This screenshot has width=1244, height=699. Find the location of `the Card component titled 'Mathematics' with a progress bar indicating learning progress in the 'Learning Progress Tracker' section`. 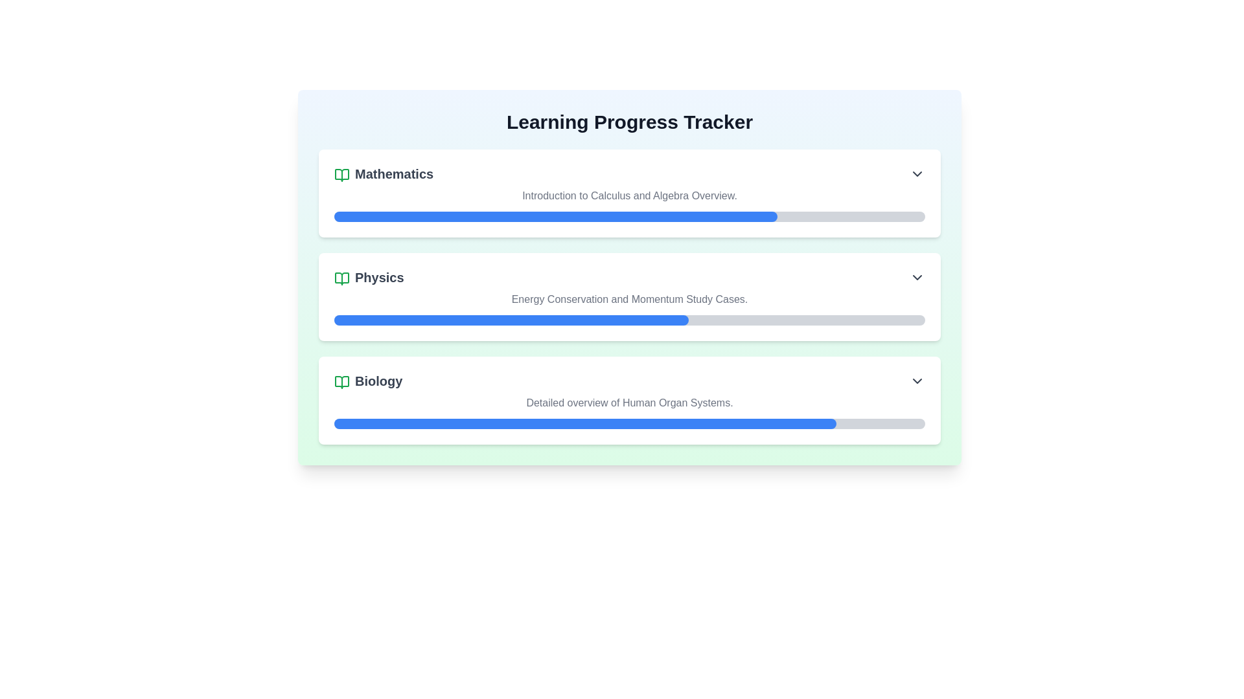

the Card component titled 'Mathematics' with a progress bar indicating learning progress in the 'Learning Progress Tracker' section is located at coordinates (629, 194).